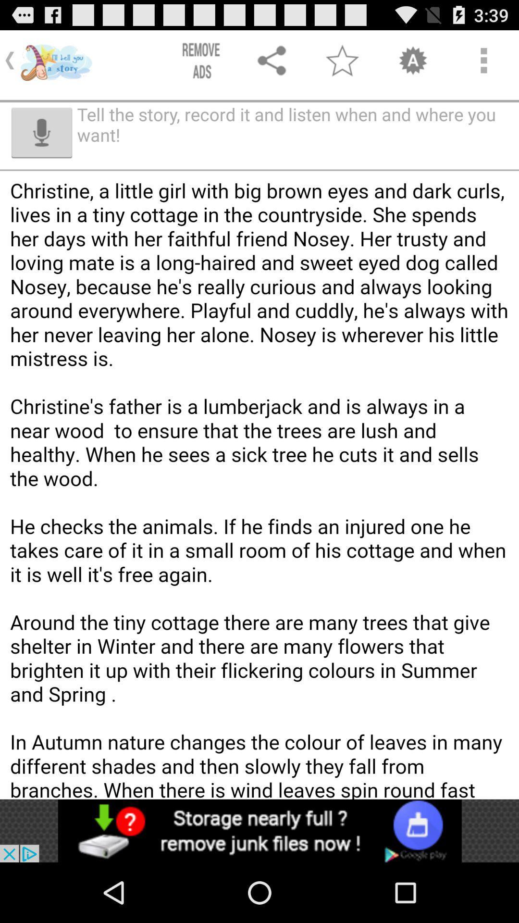  Describe the element at coordinates (41, 141) in the screenshot. I see `the microphone icon` at that location.